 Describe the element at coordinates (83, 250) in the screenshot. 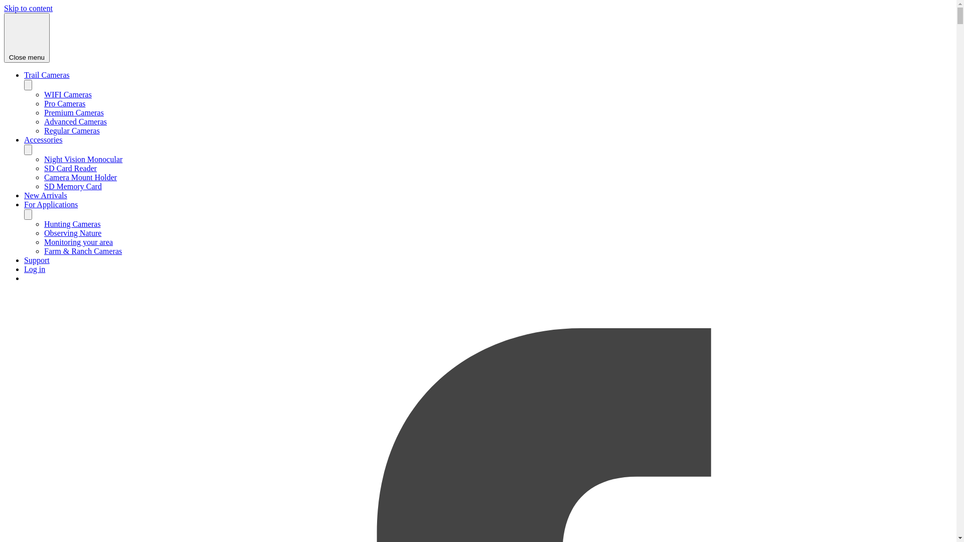

I see `'Farm & Ranch Cameras'` at that location.